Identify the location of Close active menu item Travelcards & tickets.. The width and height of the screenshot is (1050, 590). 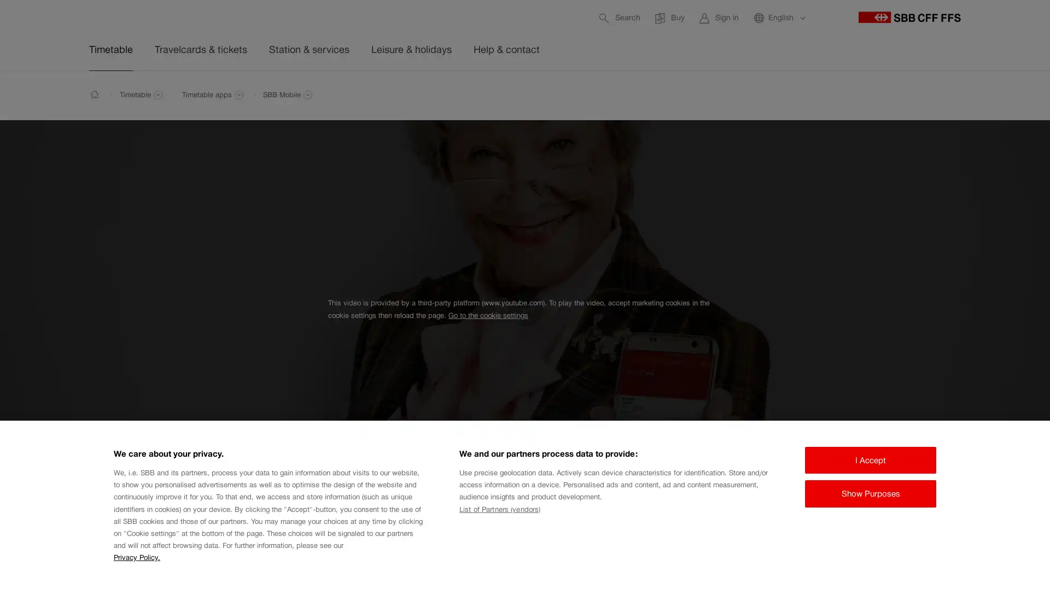
(973, 96).